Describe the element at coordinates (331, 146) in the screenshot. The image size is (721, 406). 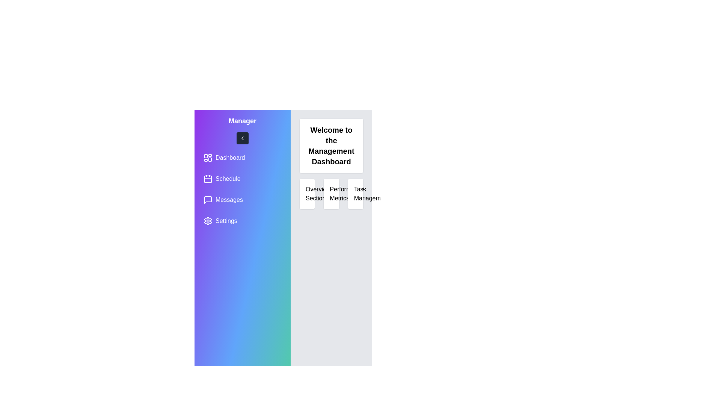
I see `the non-interactive heading located in the top-right section of the layout, indicating the user's current context within the dashboard` at that location.